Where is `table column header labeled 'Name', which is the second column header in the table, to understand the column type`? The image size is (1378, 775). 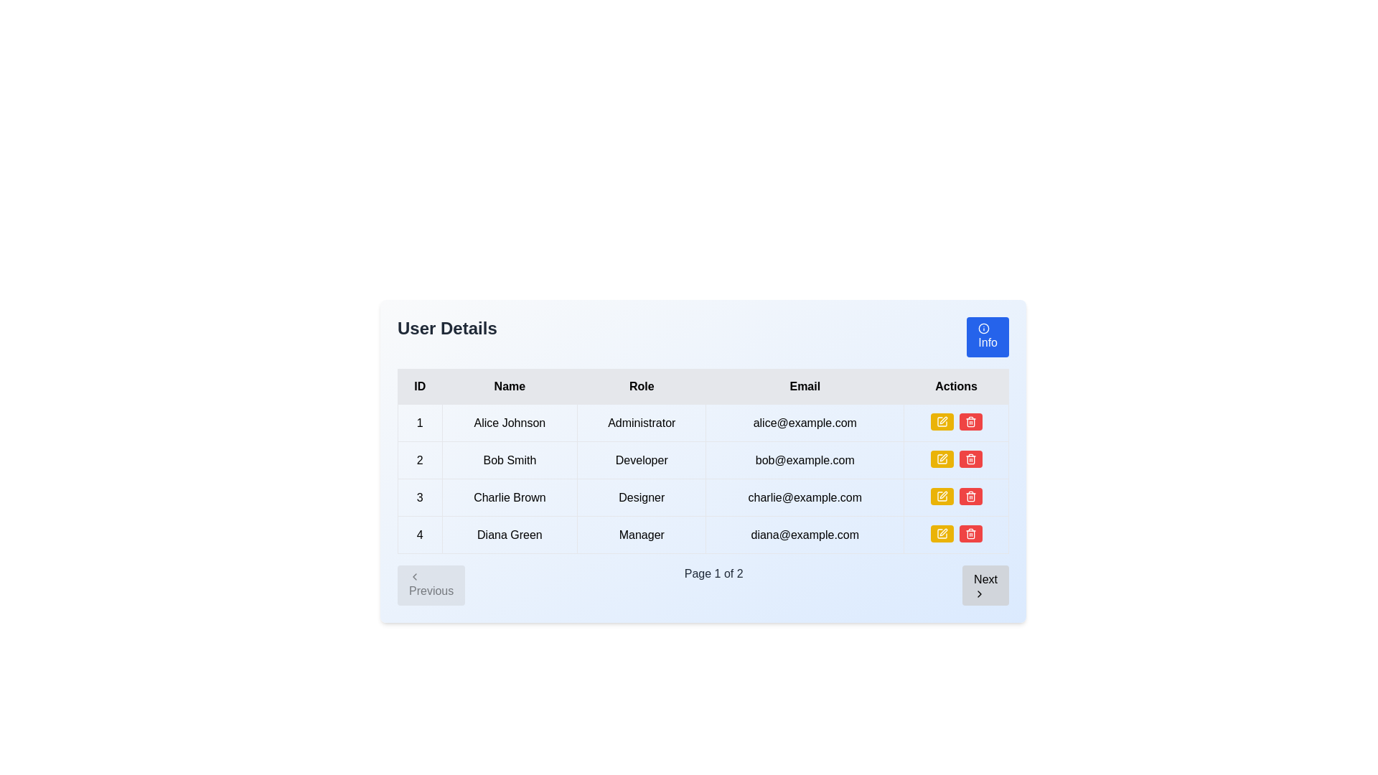 table column header labeled 'Name', which is the second column header in the table, to understand the column type is located at coordinates (510, 386).